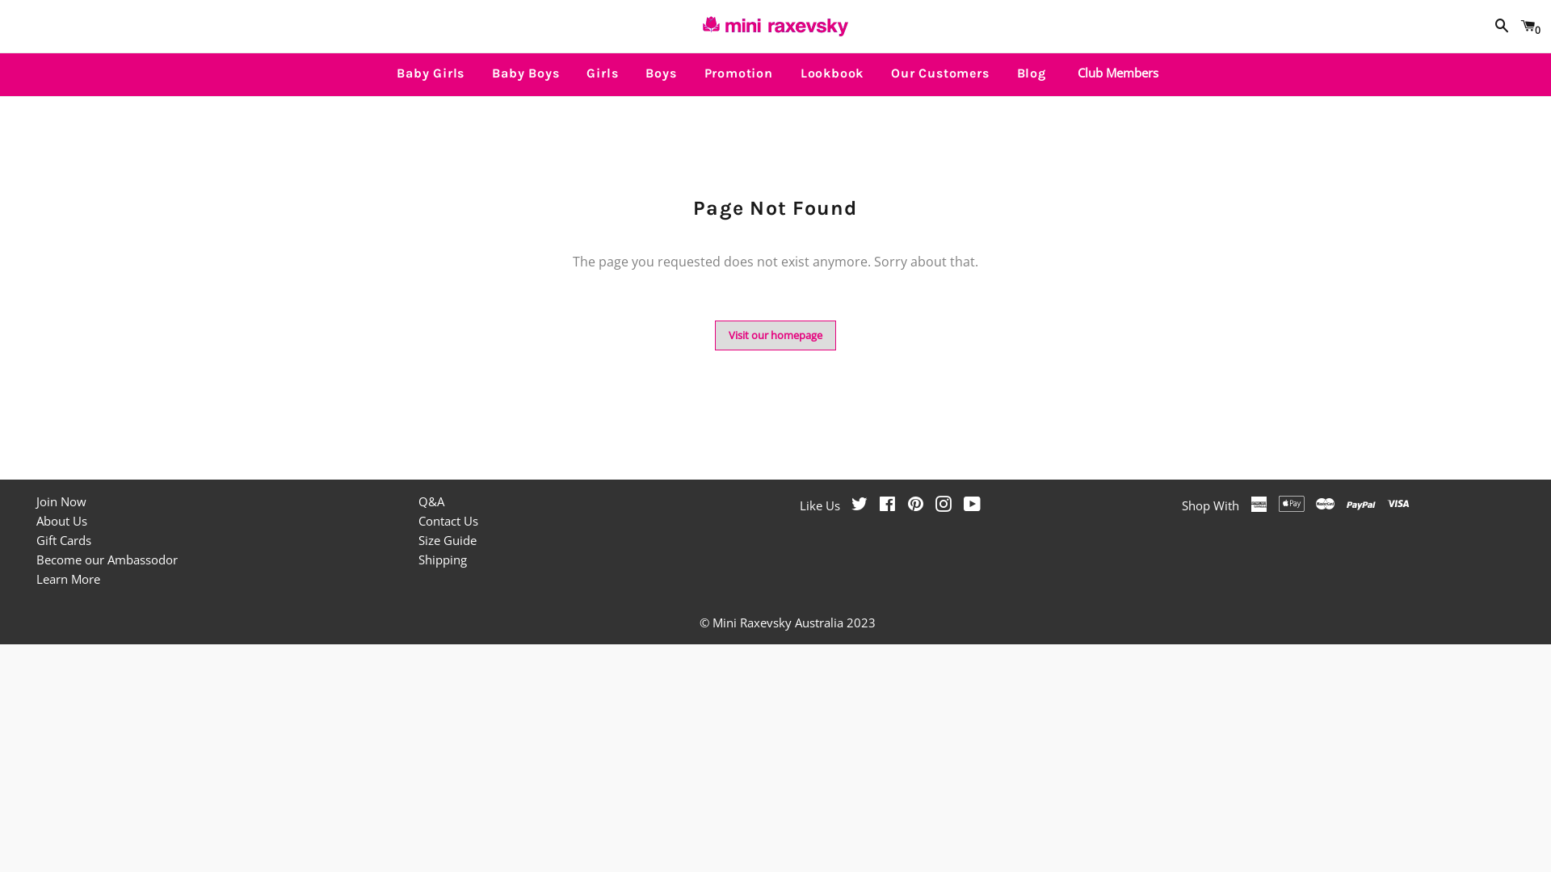 The image size is (1551, 872). What do you see at coordinates (915, 504) in the screenshot?
I see `'Pinterest'` at bounding box center [915, 504].